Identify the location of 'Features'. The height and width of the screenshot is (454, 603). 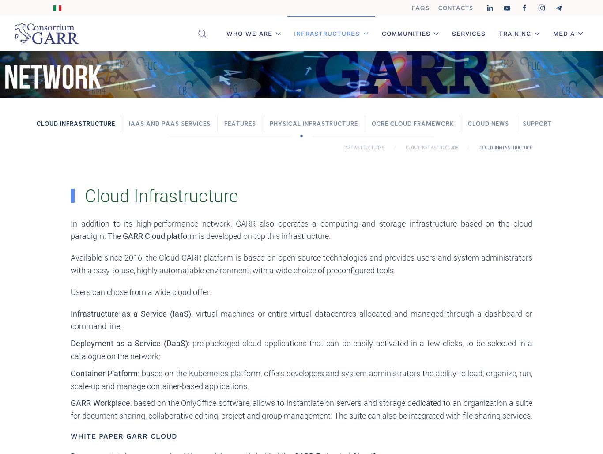
(240, 123).